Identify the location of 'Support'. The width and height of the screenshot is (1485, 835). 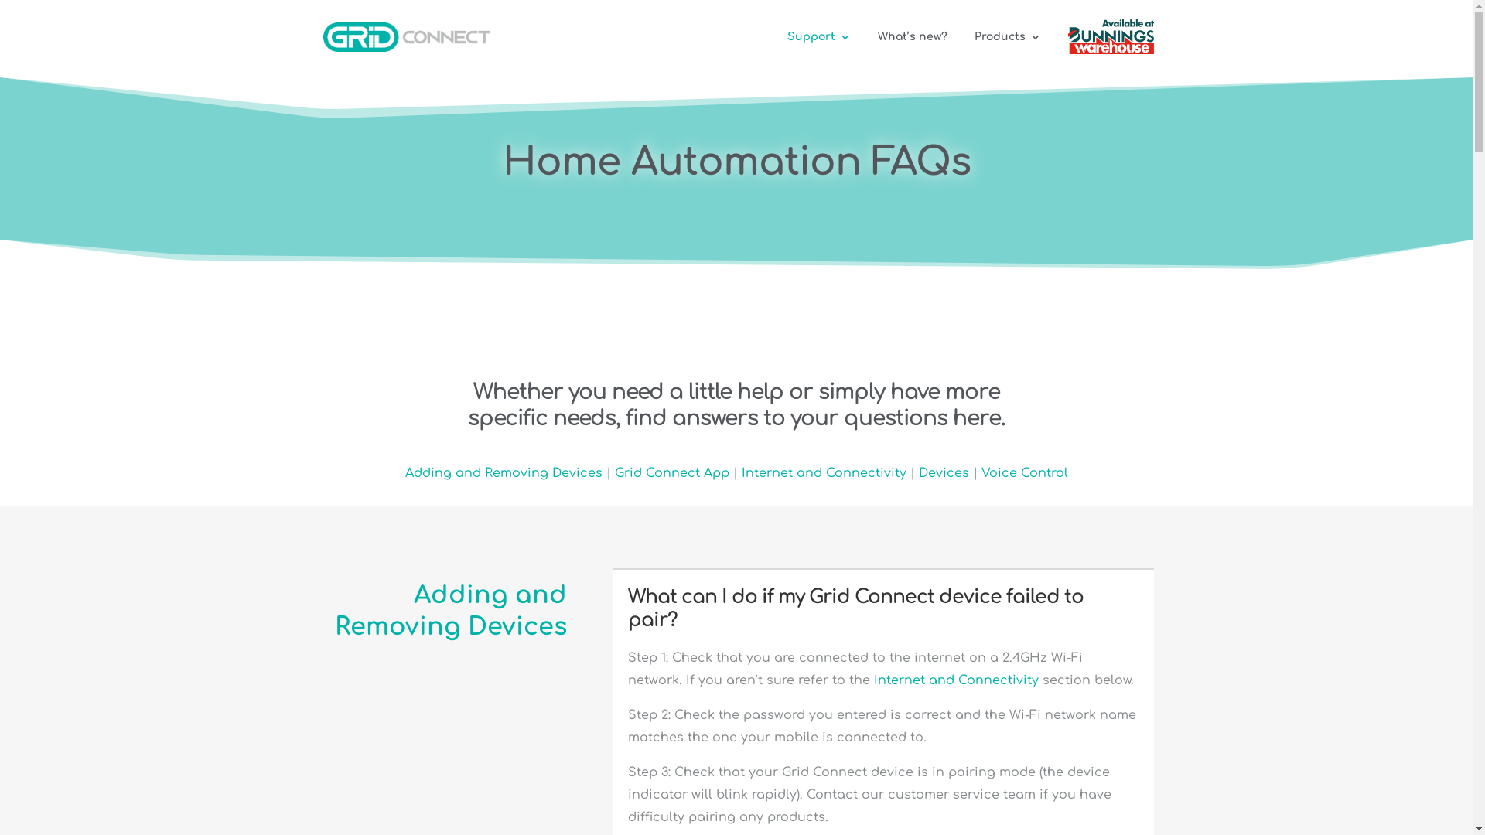
(818, 45).